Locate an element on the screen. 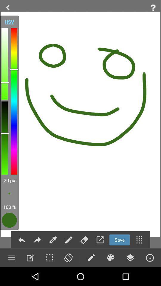  the launch icon is located at coordinates (100, 240).